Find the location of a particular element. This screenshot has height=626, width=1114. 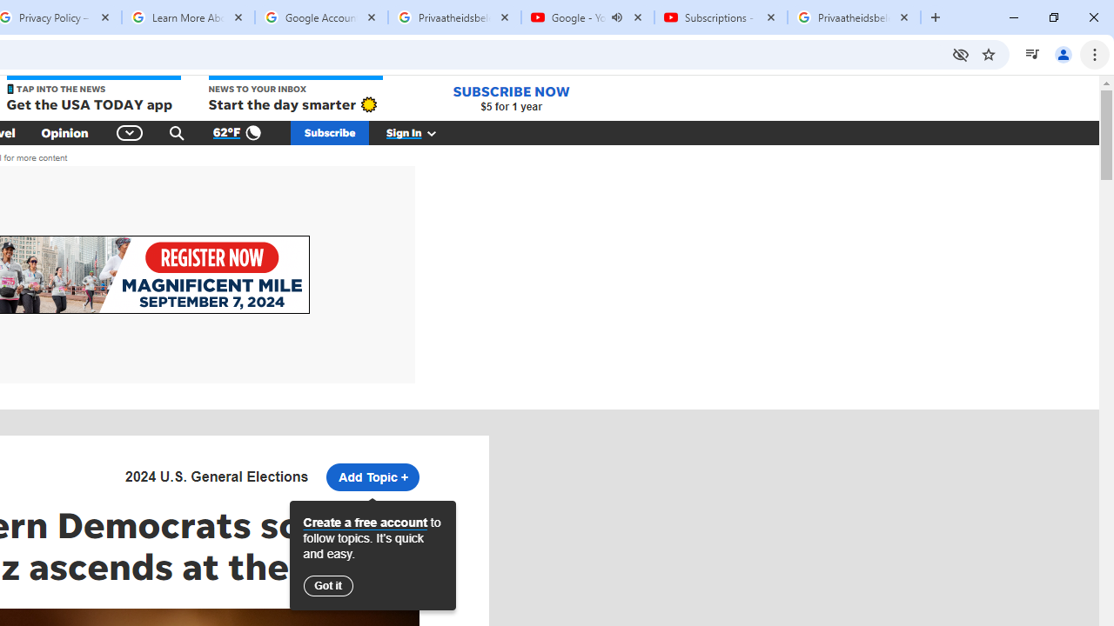

'Bookmark this tab' is located at coordinates (989, 53).